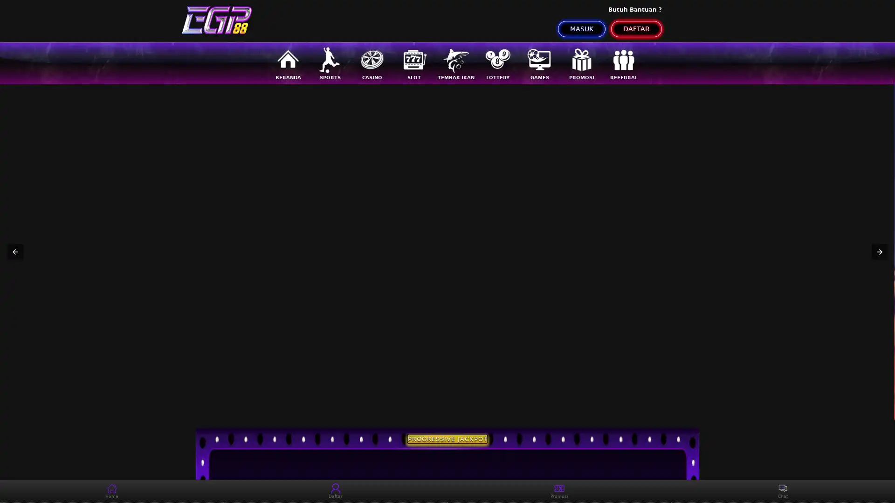 The height and width of the screenshot is (503, 895). I want to click on Next item in carousel (2 of 4), so click(879, 251).